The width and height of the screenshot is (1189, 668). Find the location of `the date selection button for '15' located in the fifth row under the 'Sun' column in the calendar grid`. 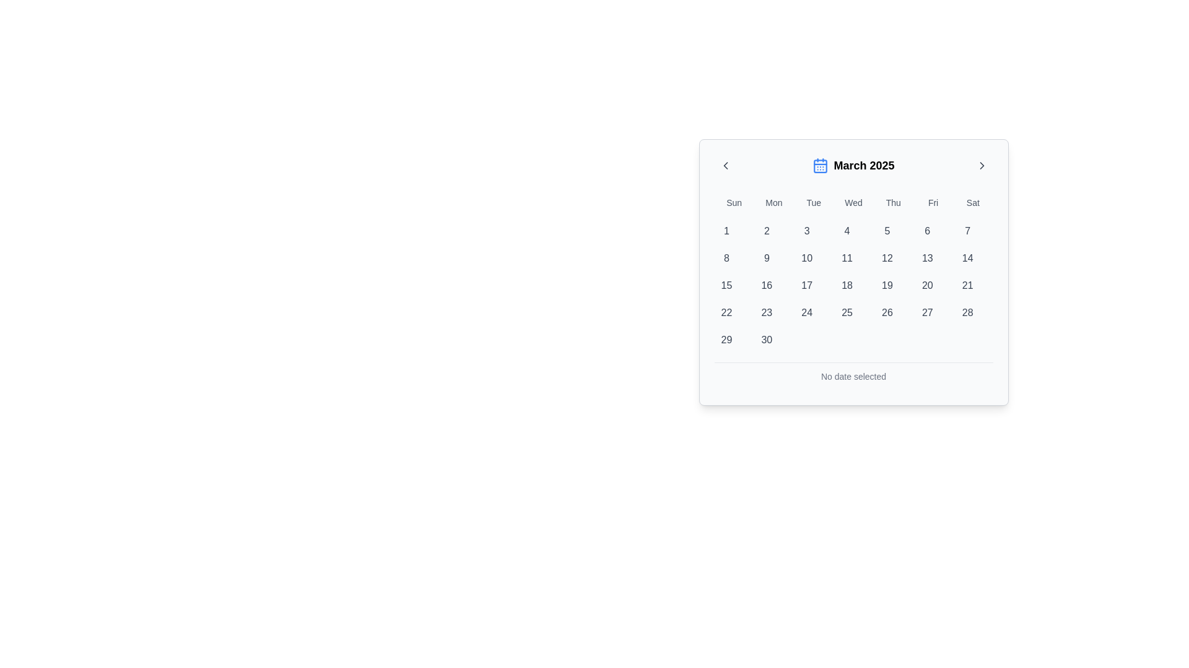

the date selection button for '15' located in the fifth row under the 'Sun' column in the calendar grid is located at coordinates (726, 286).